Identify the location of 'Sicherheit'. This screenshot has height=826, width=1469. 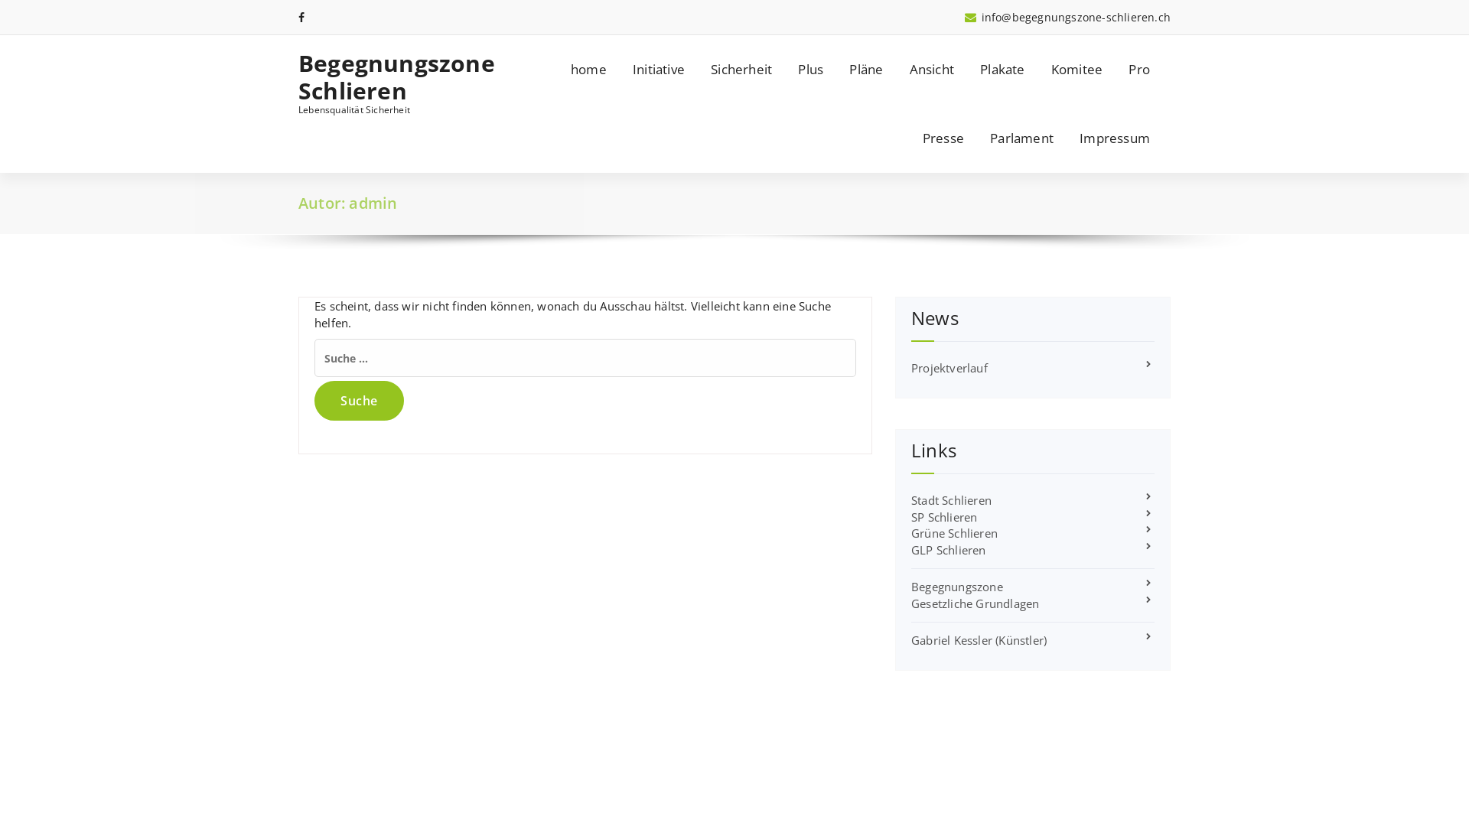
(741, 70).